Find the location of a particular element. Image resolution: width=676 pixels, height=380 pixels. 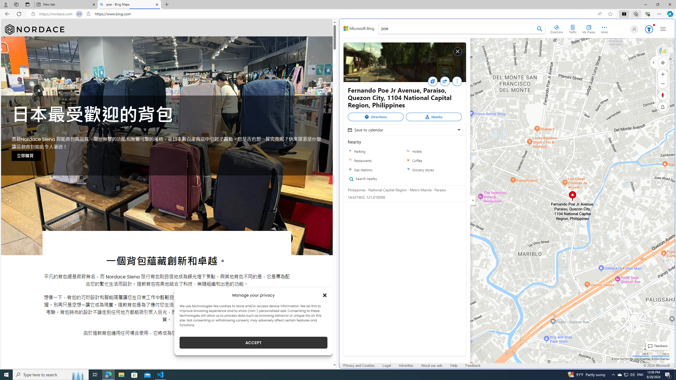

'Add a search' is located at coordinates (458, 28).